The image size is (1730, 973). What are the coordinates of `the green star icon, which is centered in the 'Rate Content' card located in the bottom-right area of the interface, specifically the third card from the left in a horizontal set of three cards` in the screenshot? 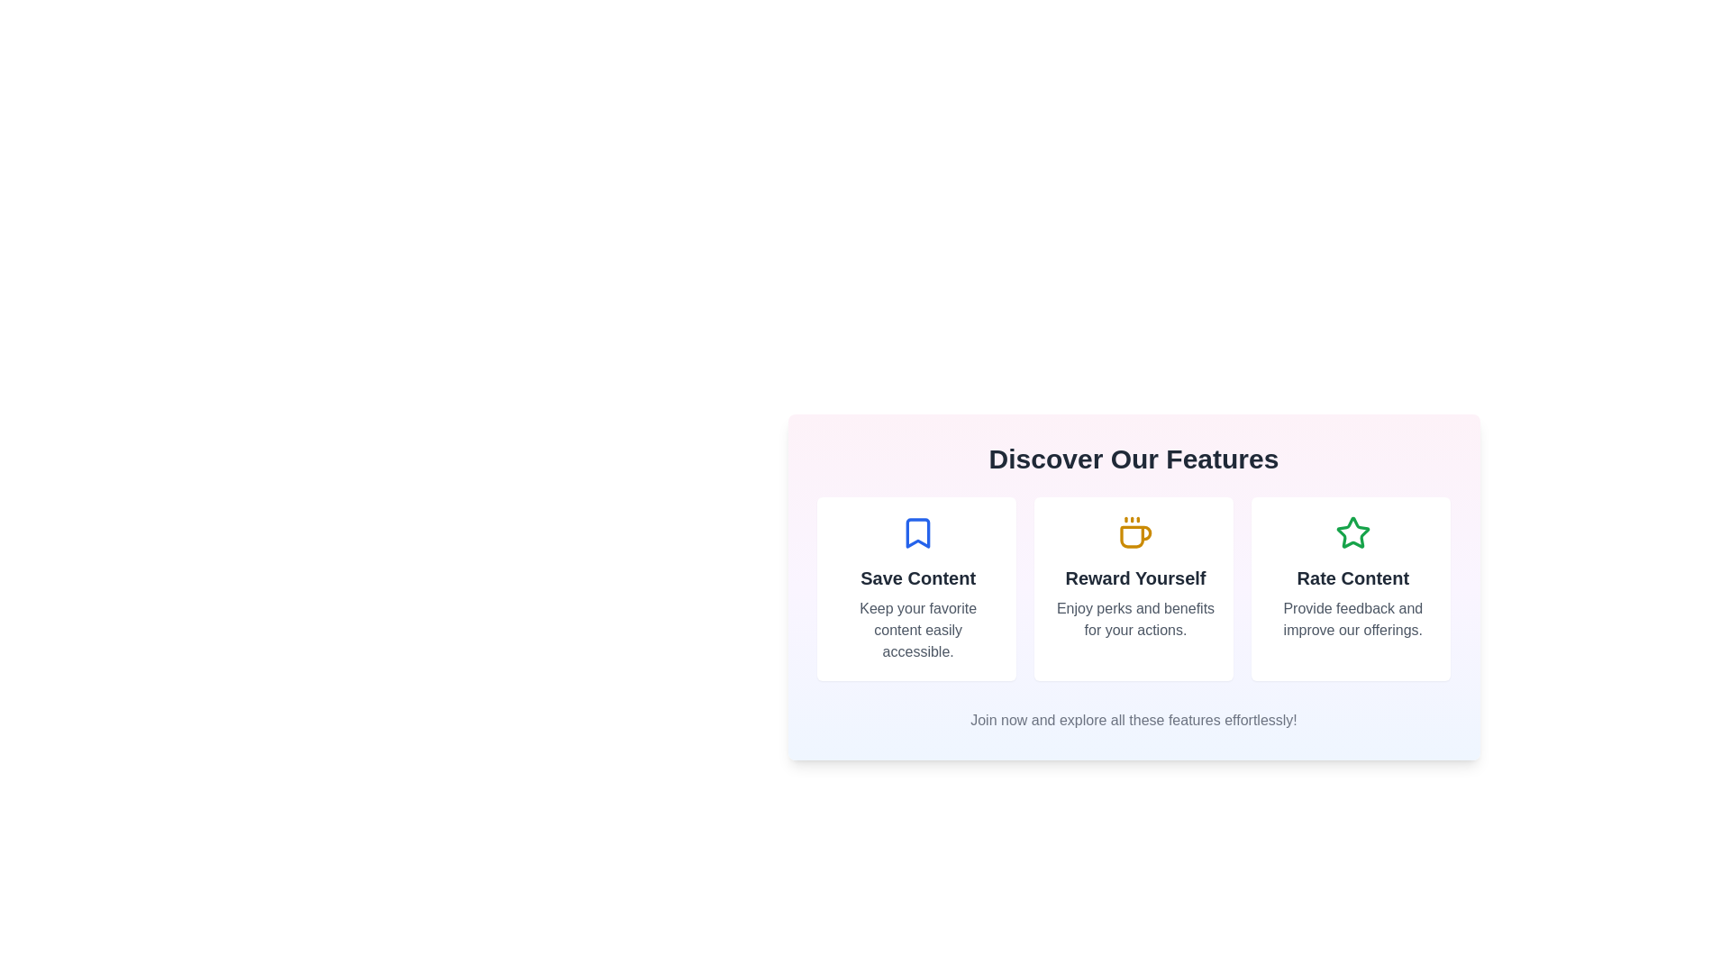 It's located at (1352, 532).